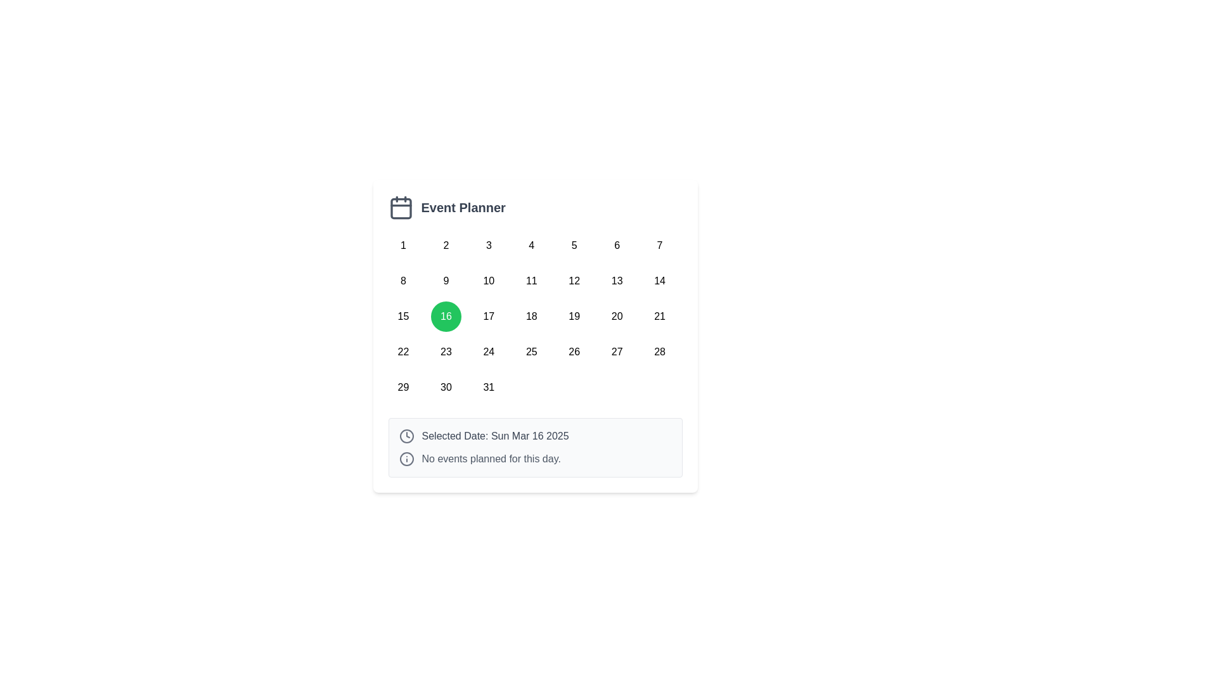  Describe the element at coordinates (574, 246) in the screenshot. I see `the small, circular button with a white background displaying the number '5' in bold, black text` at that location.